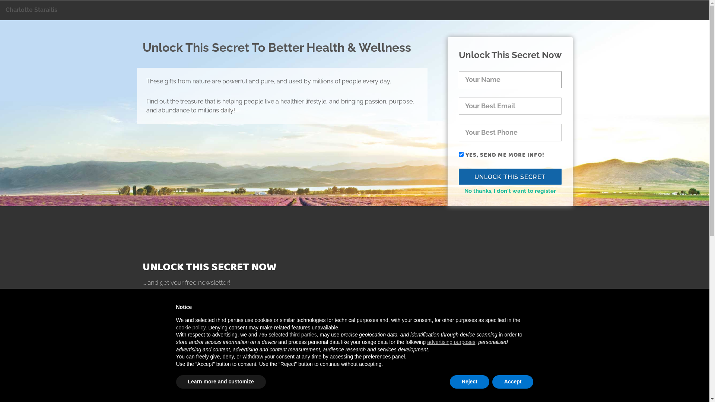 Image resolution: width=715 pixels, height=402 pixels. What do you see at coordinates (509, 176) in the screenshot?
I see `'UNLOCK THIS SECRET'` at bounding box center [509, 176].